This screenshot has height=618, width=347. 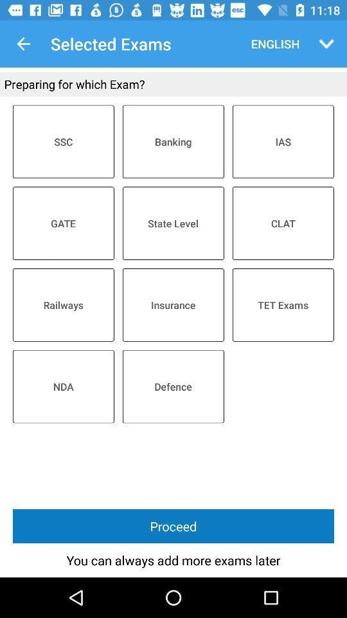 I want to click on proceed icon, so click(x=173, y=526).